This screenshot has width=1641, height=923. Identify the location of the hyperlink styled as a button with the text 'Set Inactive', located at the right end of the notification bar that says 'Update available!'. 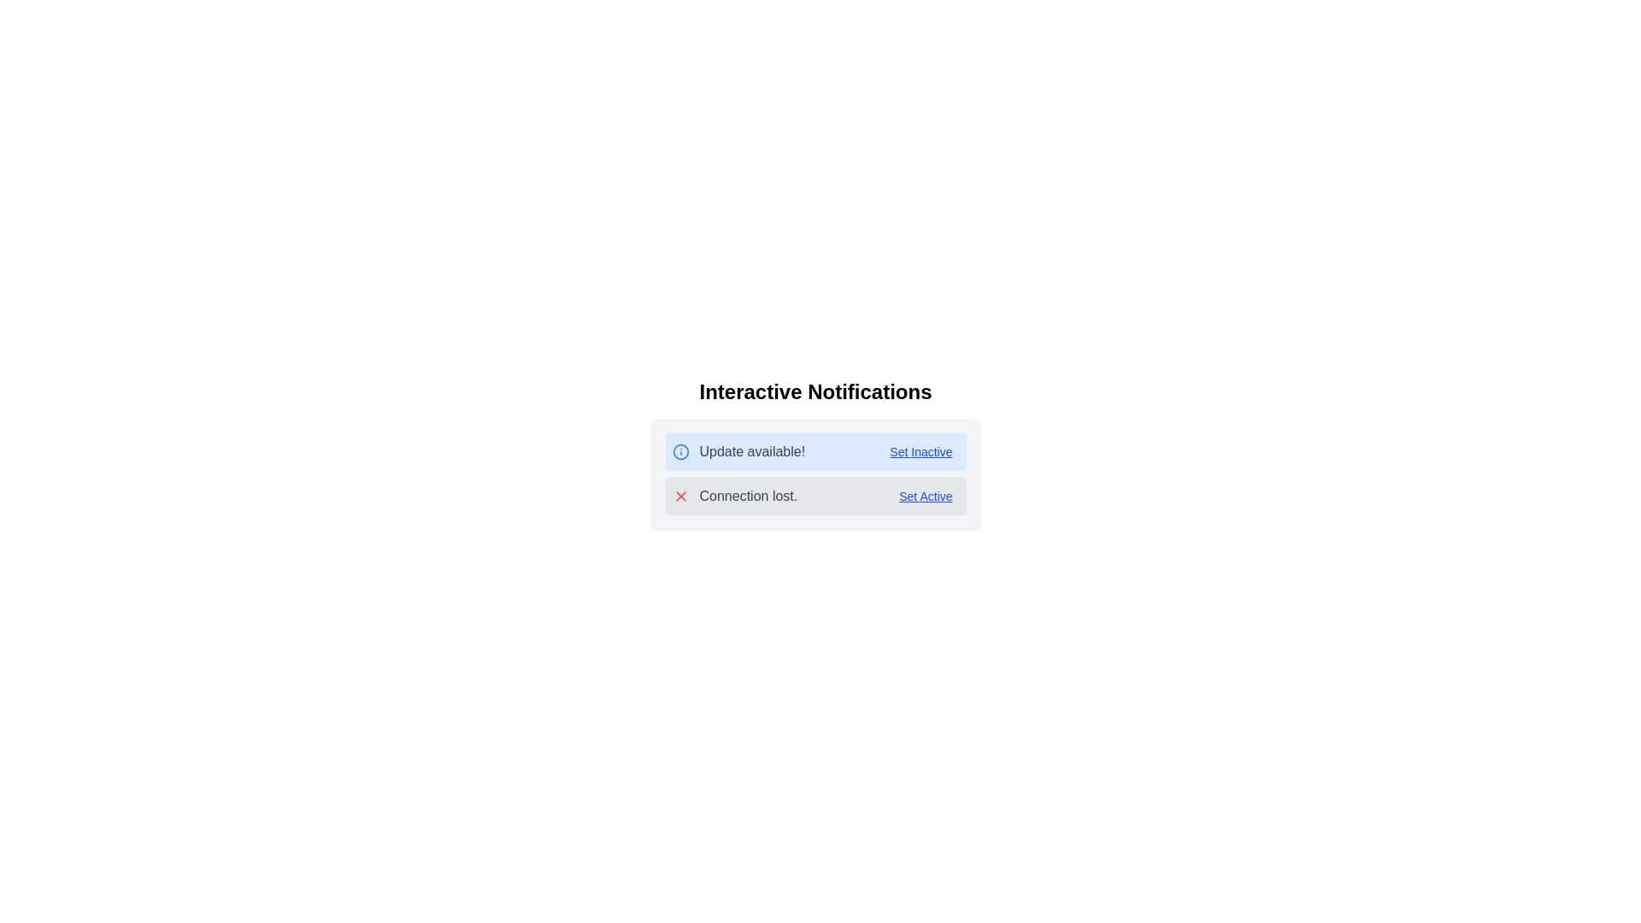
(920, 450).